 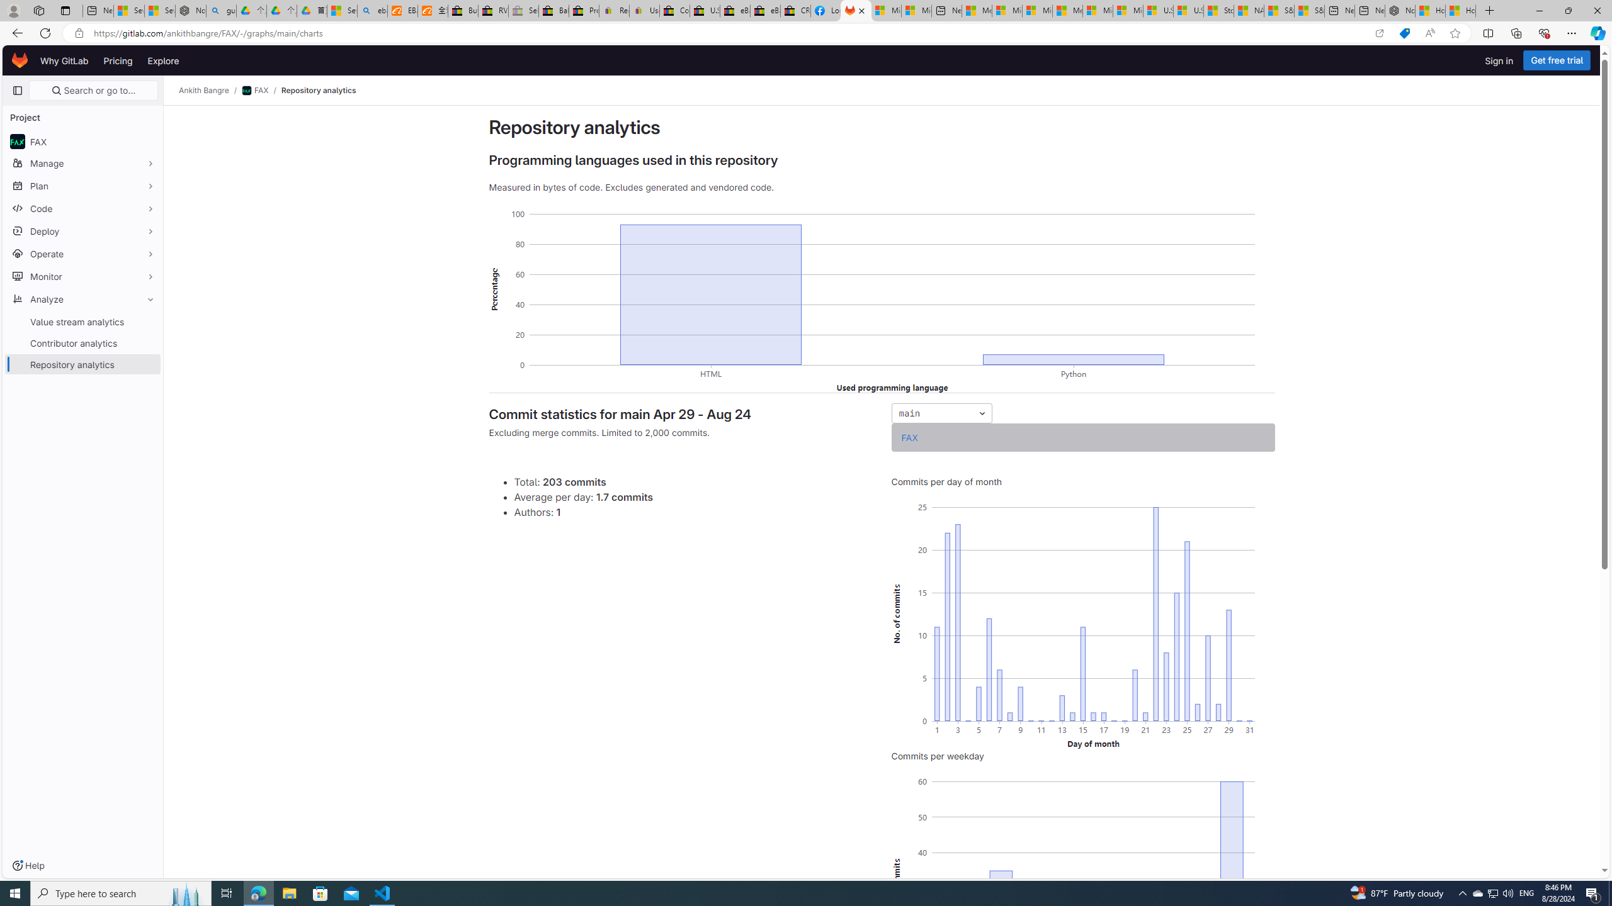 What do you see at coordinates (82, 321) in the screenshot?
I see `'Value stream analytics'` at bounding box center [82, 321].